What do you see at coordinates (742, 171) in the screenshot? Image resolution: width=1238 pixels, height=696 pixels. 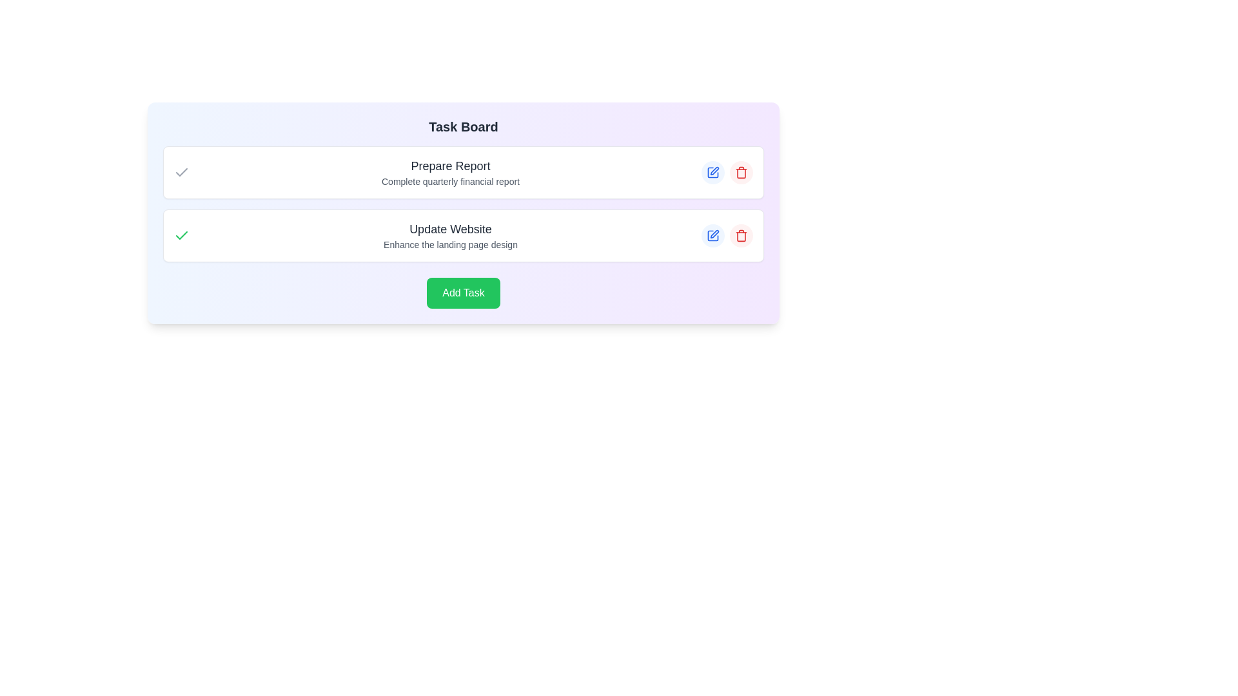 I see `the delete button for the 'Prepare Report' task located` at bounding box center [742, 171].